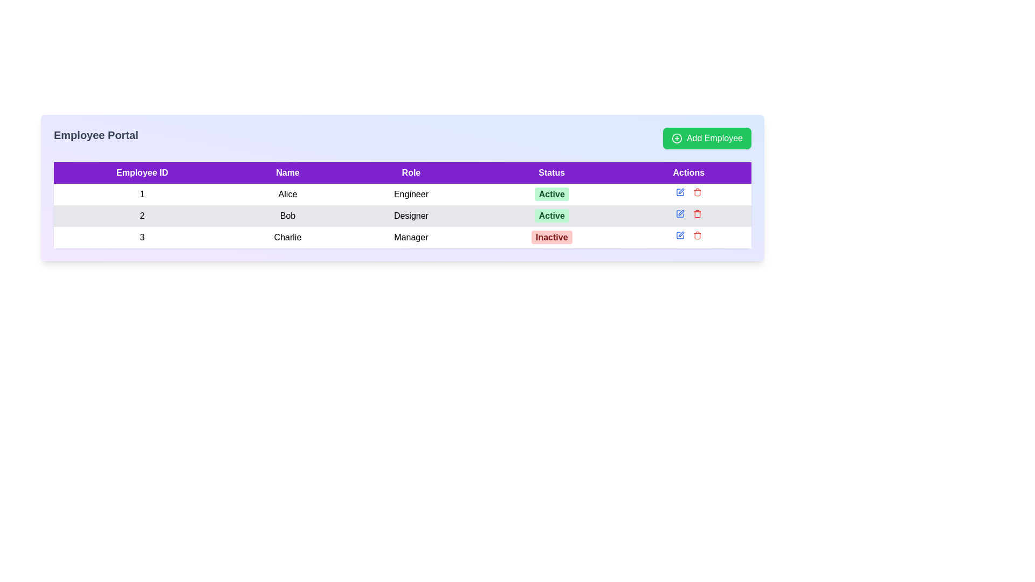 The image size is (1035, 582). What do you see at coordinates (411, 195) in the screenshot?
I see `the text label 'Engineer' located in the first row of the 'Role' column in the employee data table for Alice` at bounding box center [411, 195].